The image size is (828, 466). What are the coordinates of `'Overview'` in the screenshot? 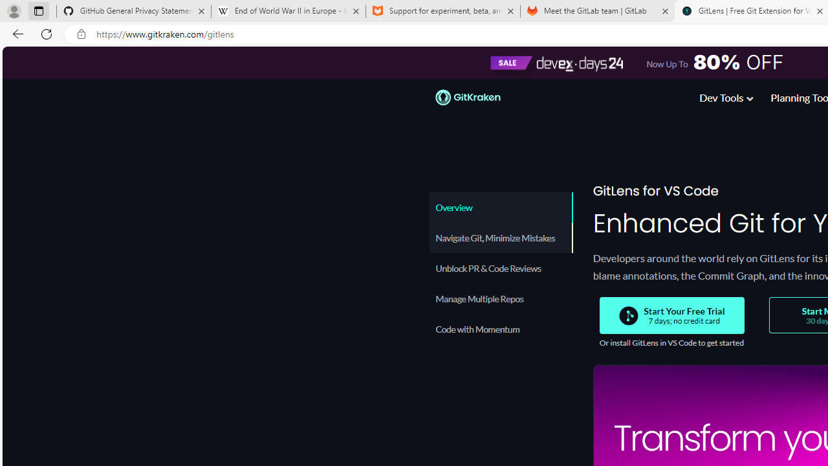 It's located at (500, 206).